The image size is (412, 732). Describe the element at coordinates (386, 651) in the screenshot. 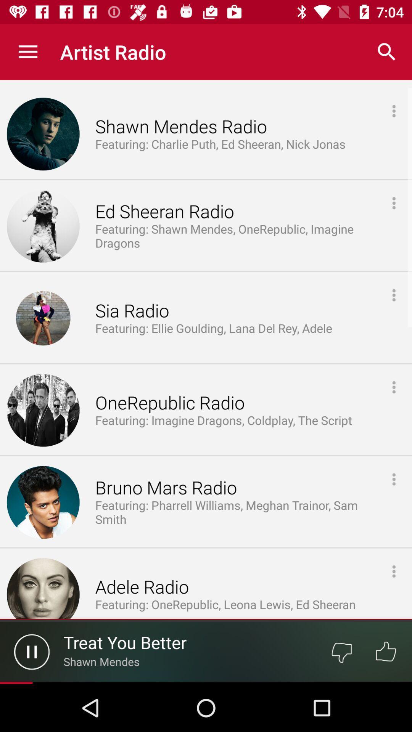

I see `the thumbs_up icon` at that location.